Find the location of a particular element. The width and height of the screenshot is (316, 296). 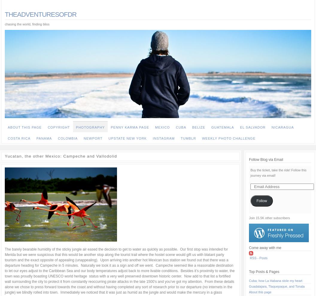

'Follow' is located at coordinates (261, 201).